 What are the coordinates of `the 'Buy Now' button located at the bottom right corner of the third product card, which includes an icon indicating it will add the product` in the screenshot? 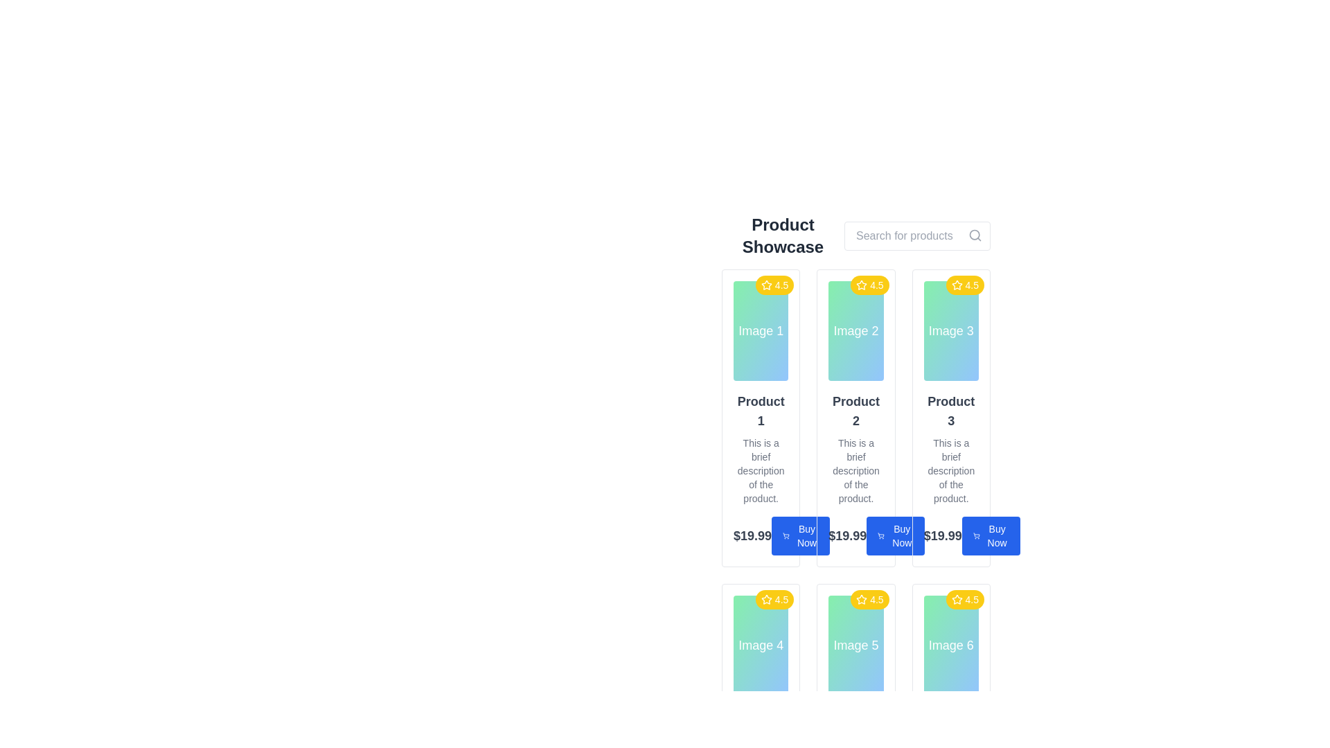 It's located at (975, 535).